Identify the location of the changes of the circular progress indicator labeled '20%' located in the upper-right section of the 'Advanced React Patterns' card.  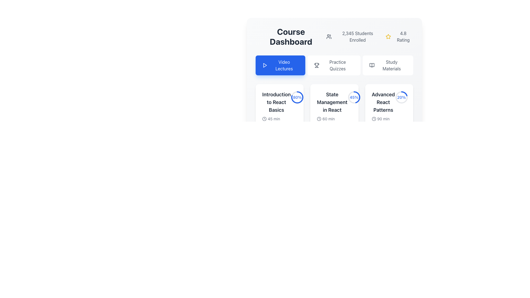
(401, 97).